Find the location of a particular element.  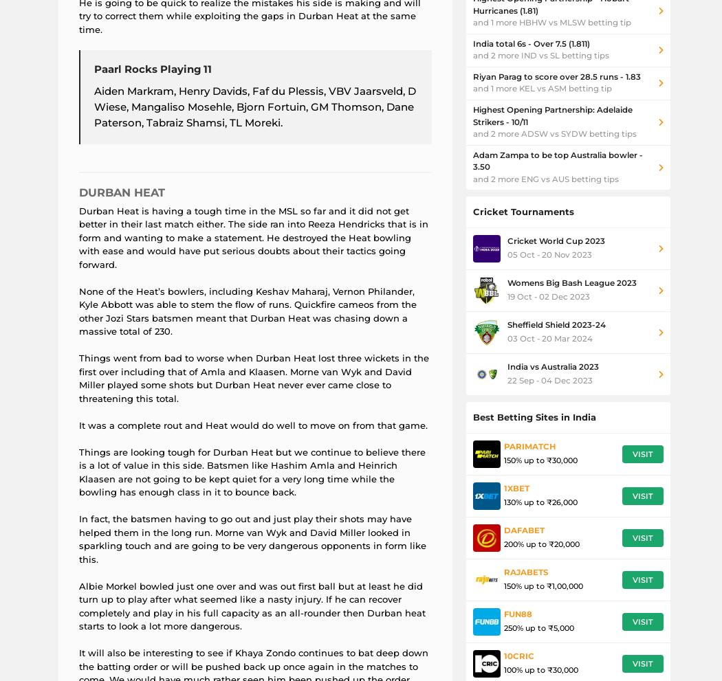

'Things are looking tough for Durban Heat but we continue to believe there is a lot of value in this side. Batsmen like Hashim Amla and Heinrich Klaasen are not going to be kept quiet for a very long time while the bowling has enough class in it to bounce back.' is located at coordinates (78, 471).